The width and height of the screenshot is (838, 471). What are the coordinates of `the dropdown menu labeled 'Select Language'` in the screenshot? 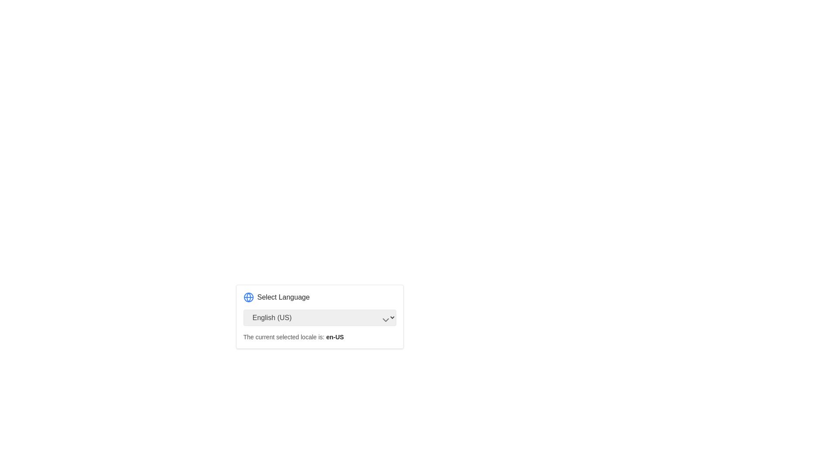 It's located at (319, 317).